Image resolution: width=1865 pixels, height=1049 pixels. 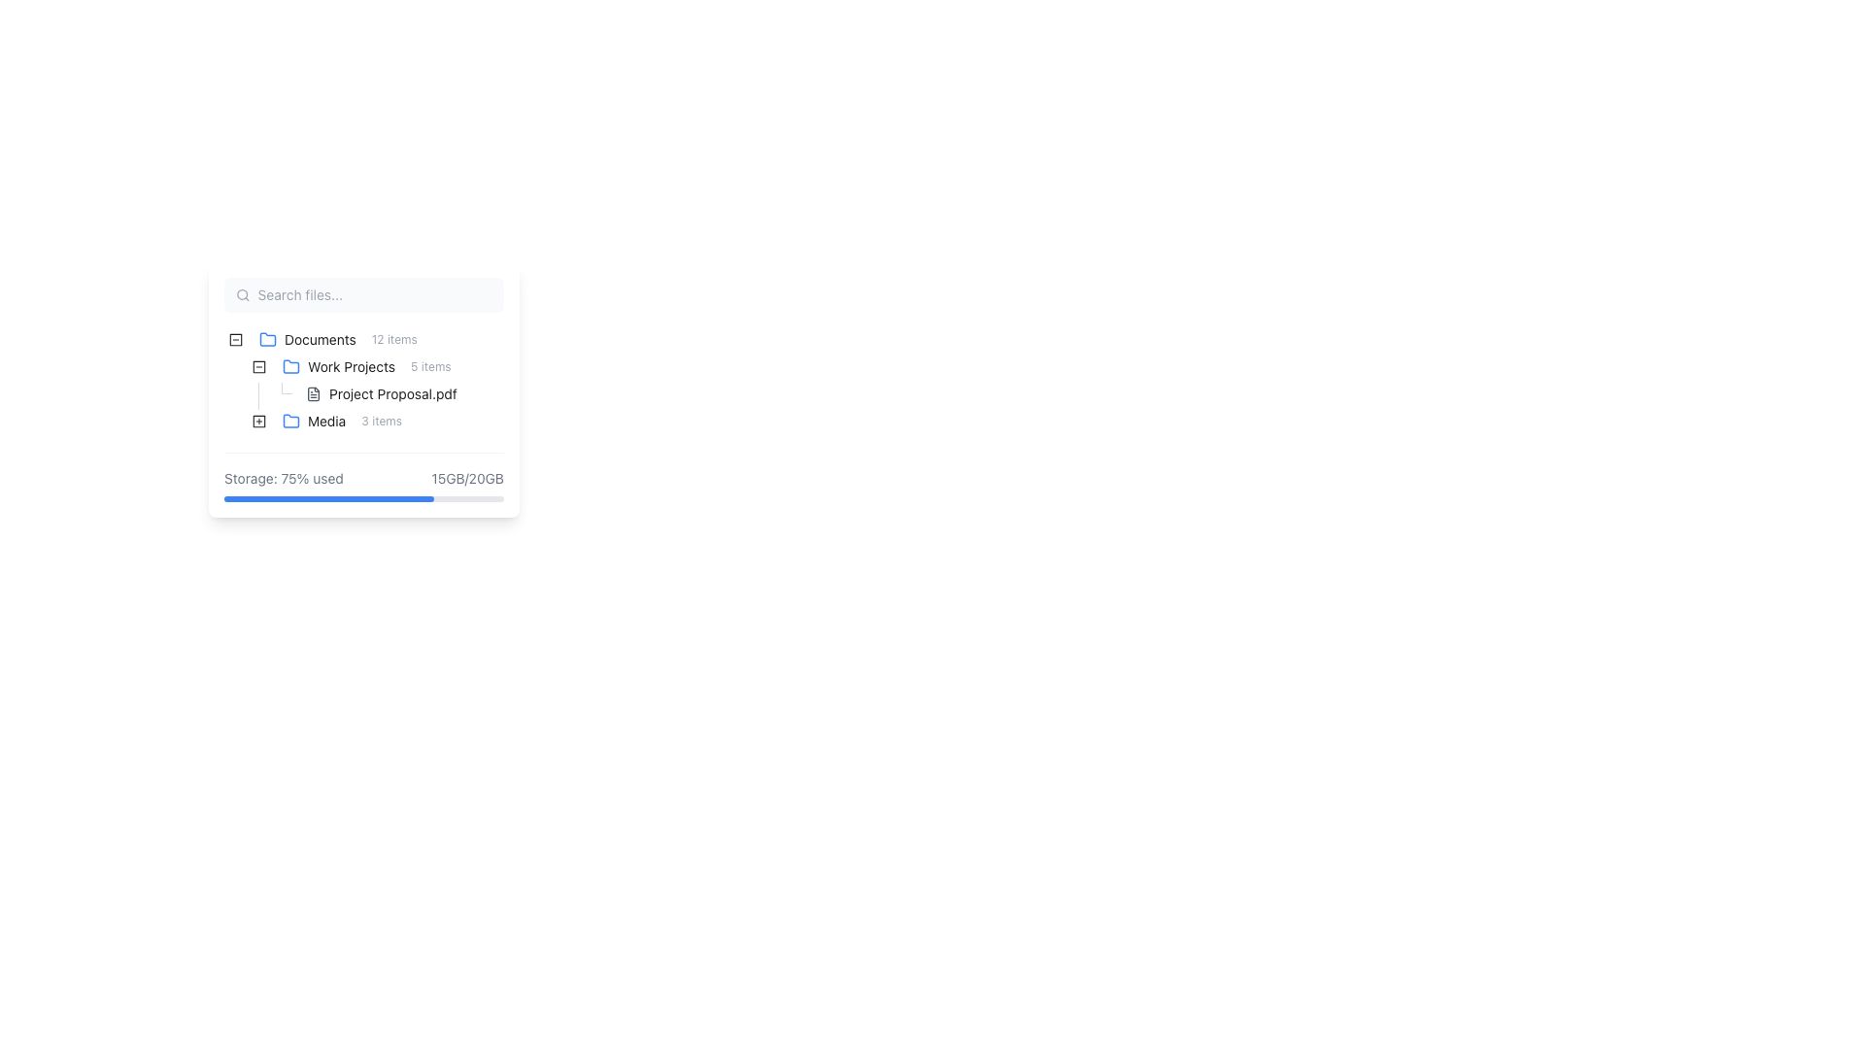 What do you see at coordinates (352, 393) in the screenshot?
I see `the Tree leaf node displaying the file named 'Project Proposal.pdf'` at bounding box center [352, 393].